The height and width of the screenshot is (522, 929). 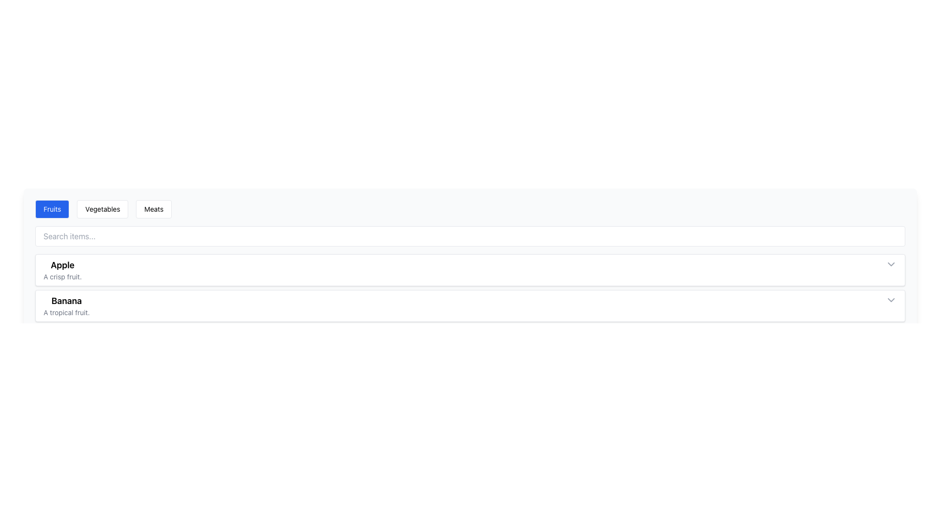 What do you see at coordinates (66, 313) in the screenshot?
I see `the text label reading 'A tropical fruit.' which is styled with a smaller font size and light gray color, positioned directly beneath the 'Banana' label` at bounding box center [66, 313].